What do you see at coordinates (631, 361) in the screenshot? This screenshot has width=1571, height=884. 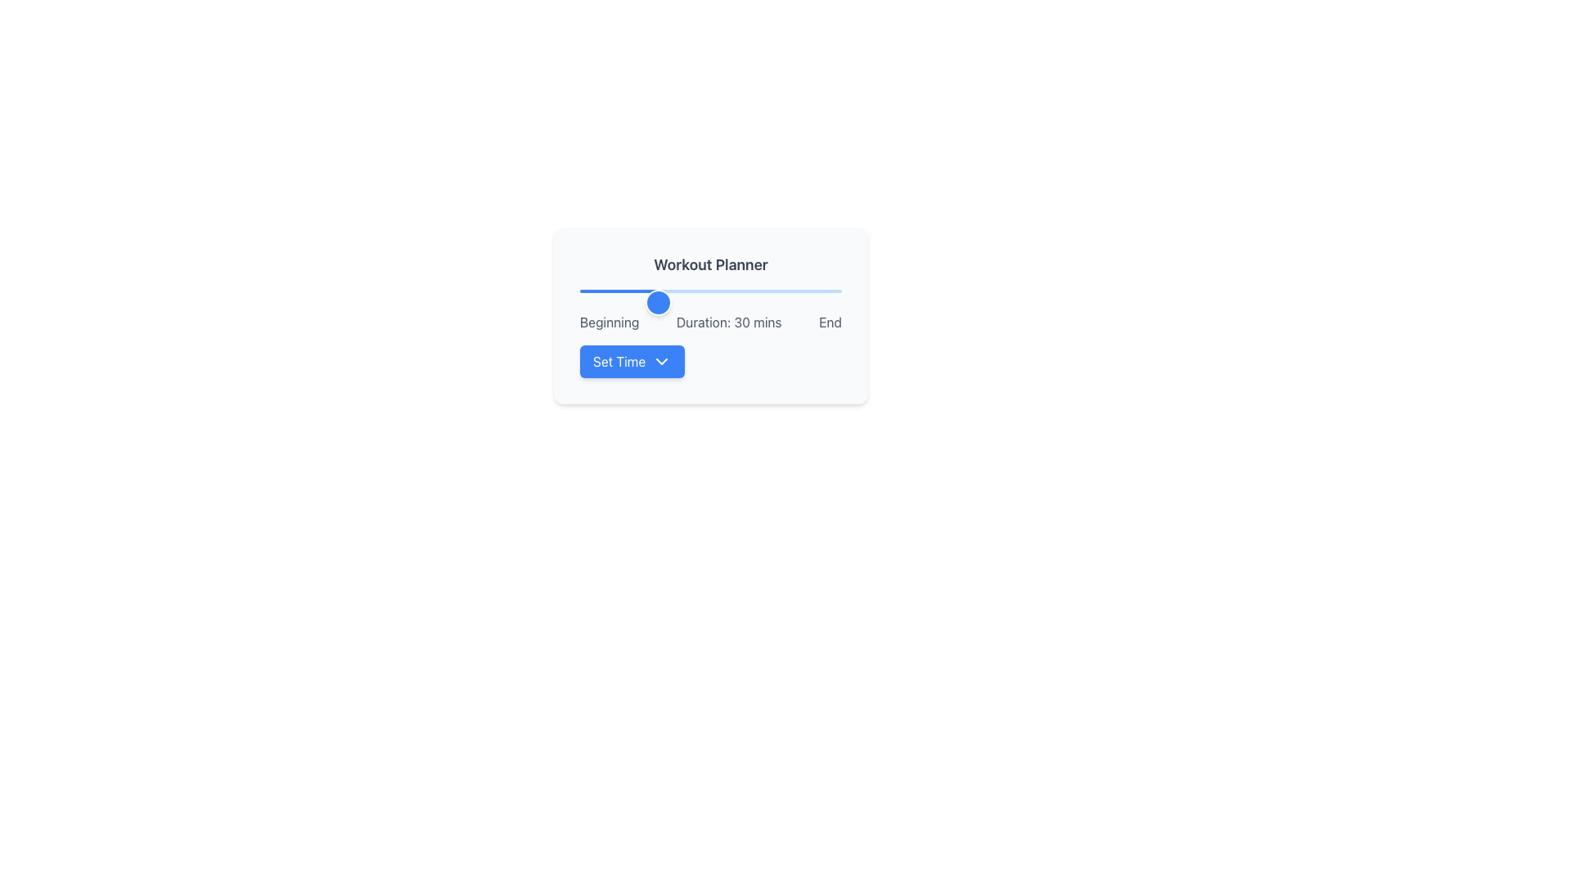 I see `the 'Set Time' button with an integrated dropdown trigger located in the lower section of the 'Workout Planner' card` at bounding box center [631, 361].